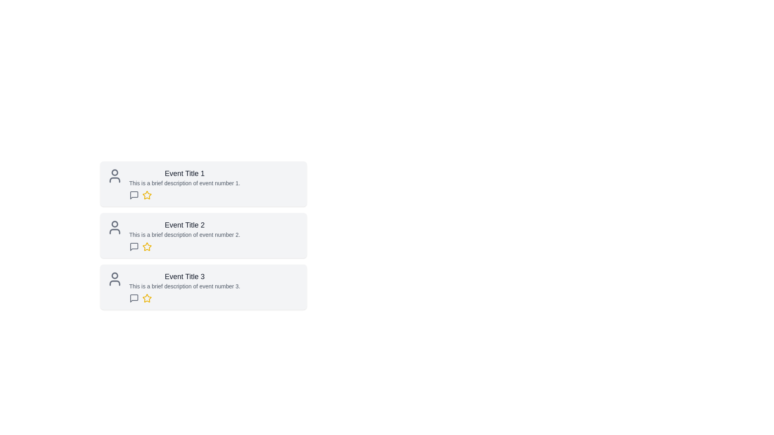 Image resolution: width=774 pixels, height=435 pixels. Describe the element at coordinates (203, 246) in the screenshot. I see `the information card that is the second item in a vertical list of event cards` at that location.